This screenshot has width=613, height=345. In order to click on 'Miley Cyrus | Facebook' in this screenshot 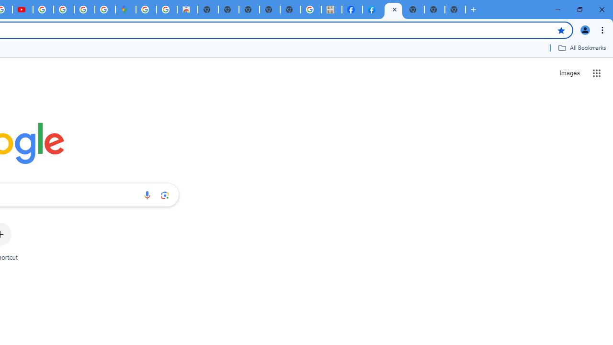, I will do `click(352, 10)`.